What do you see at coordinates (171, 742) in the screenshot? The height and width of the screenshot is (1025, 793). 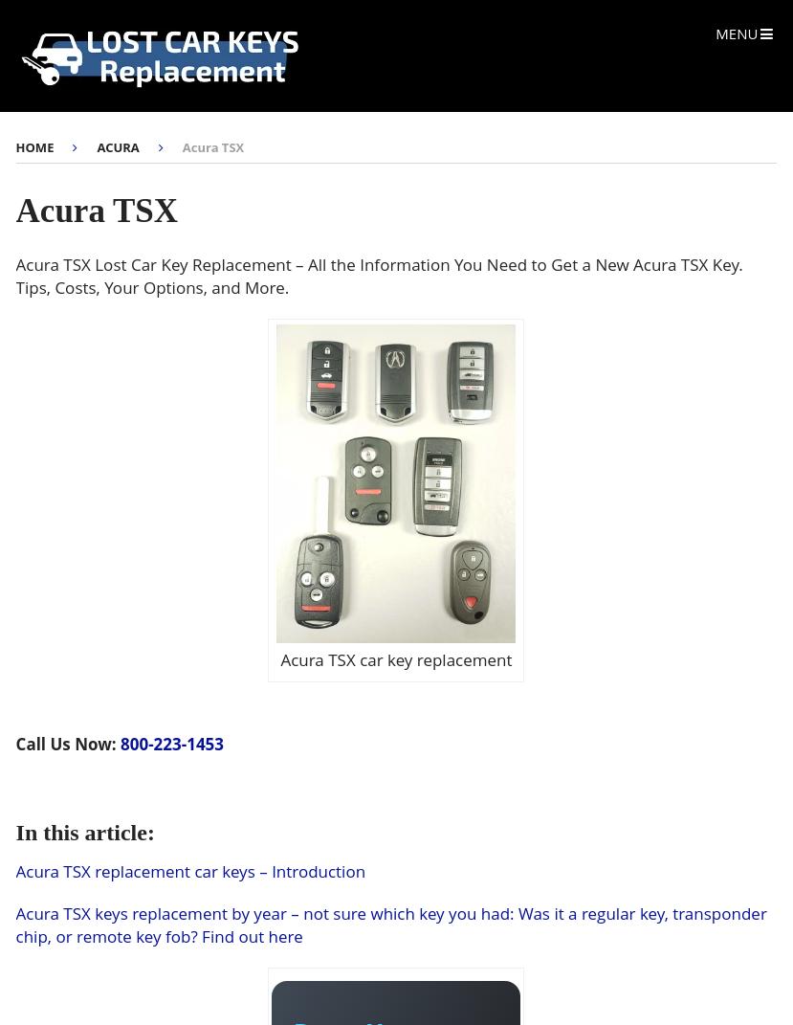 I see `'800-223-1453'` at bounding box center [171, 742].